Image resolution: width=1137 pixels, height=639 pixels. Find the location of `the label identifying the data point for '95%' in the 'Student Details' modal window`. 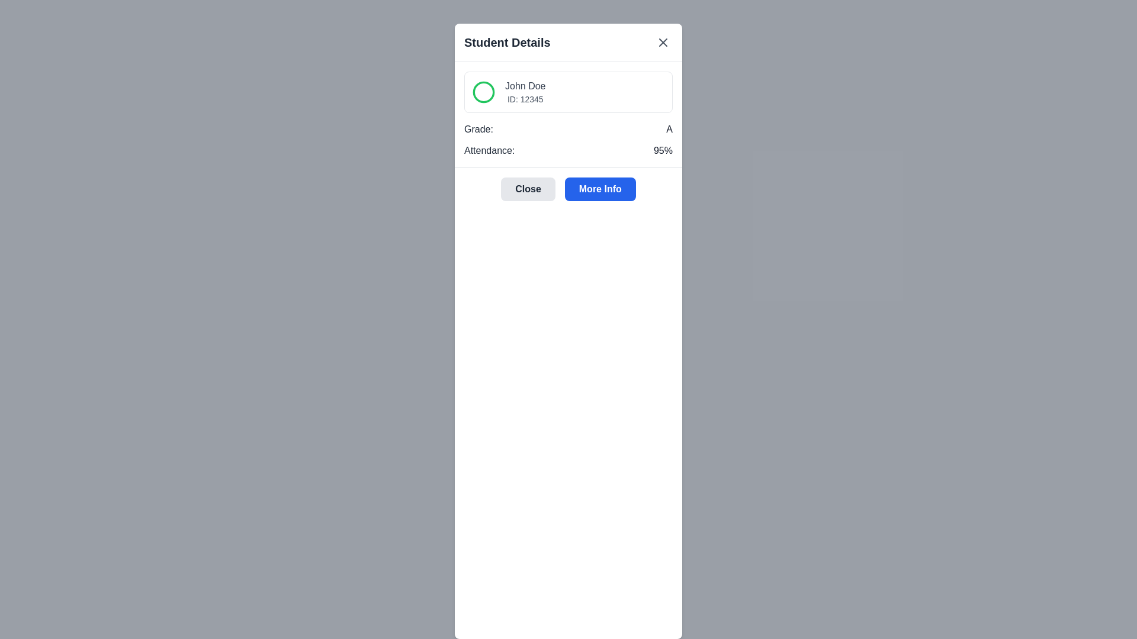

the label identifying the data point for '95%' in the 'Student Details' modal window is located at coordinates (489, 150).